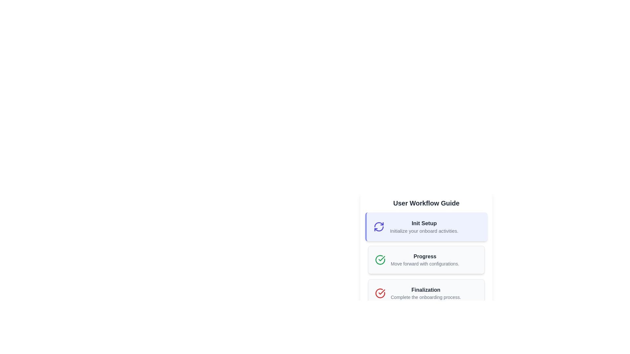 This screenshot has height=354, width=630. What do you see at coordinates (379, 228) in the screenshot?
I see `the bottom-right segment of the circular arrow icon that represents refreshing or updating actions` at bounding box center [379, 228].